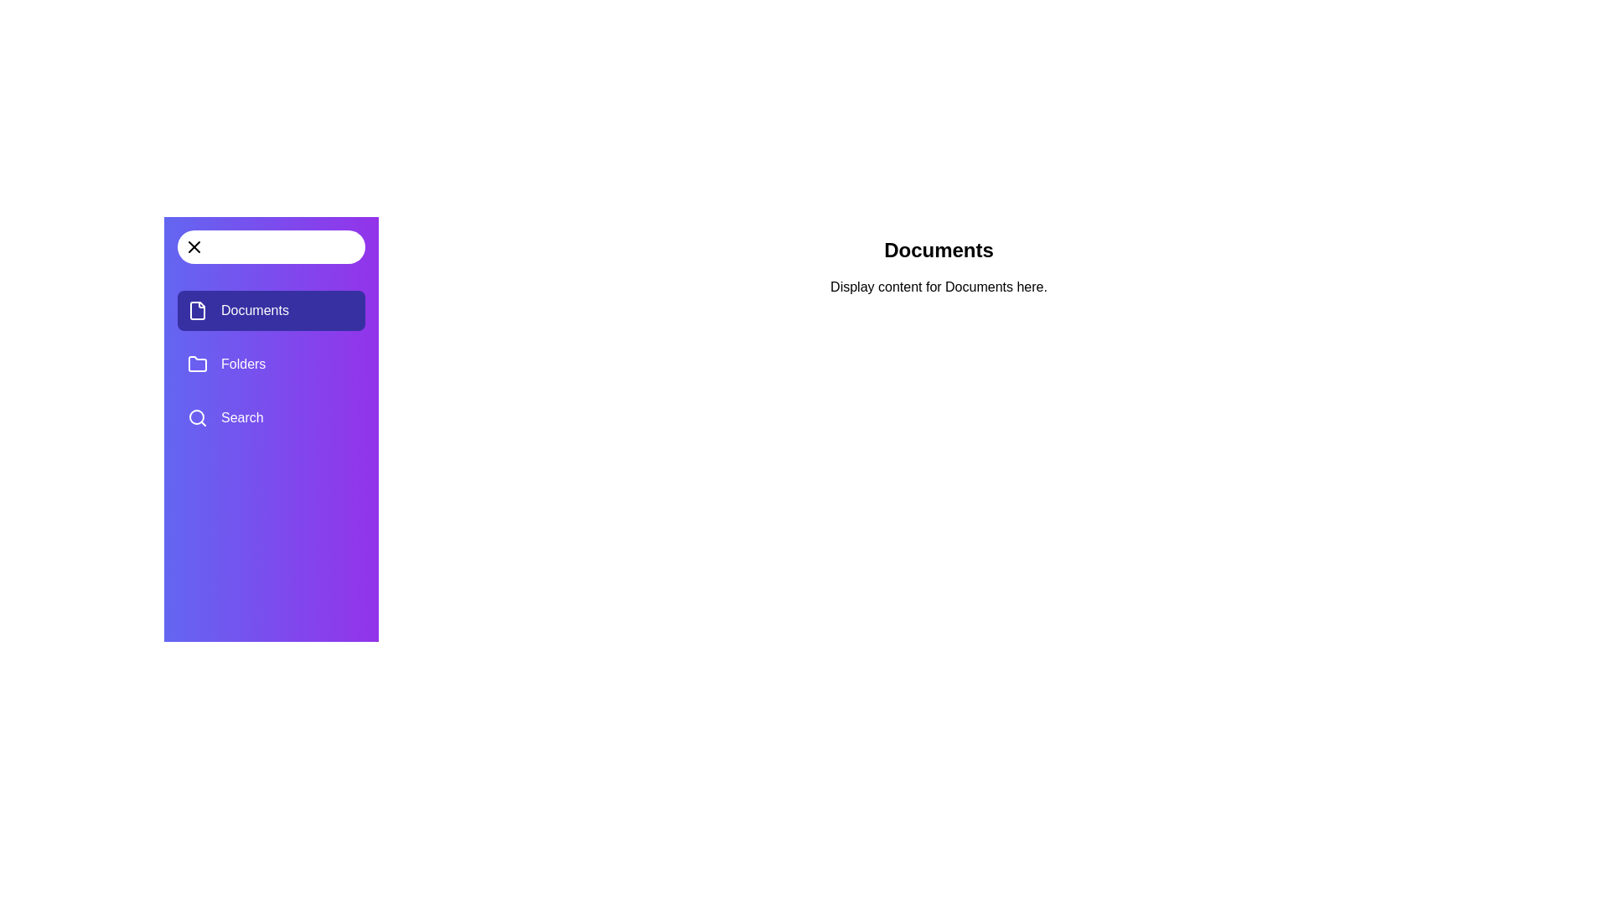  I want to click on the menu section Documents, so click(272, 310).